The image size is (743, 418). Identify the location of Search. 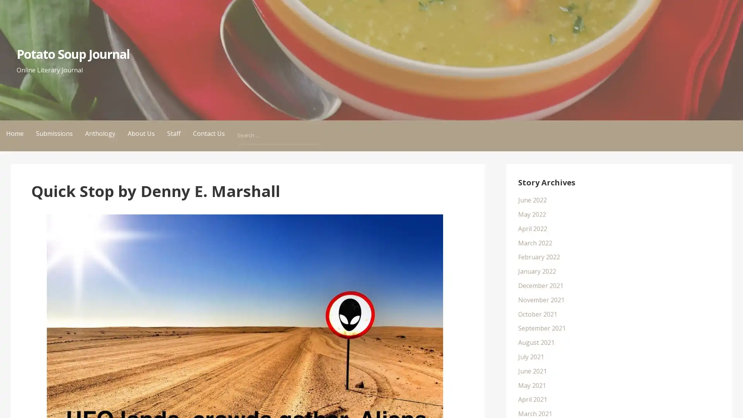
(317, 128).